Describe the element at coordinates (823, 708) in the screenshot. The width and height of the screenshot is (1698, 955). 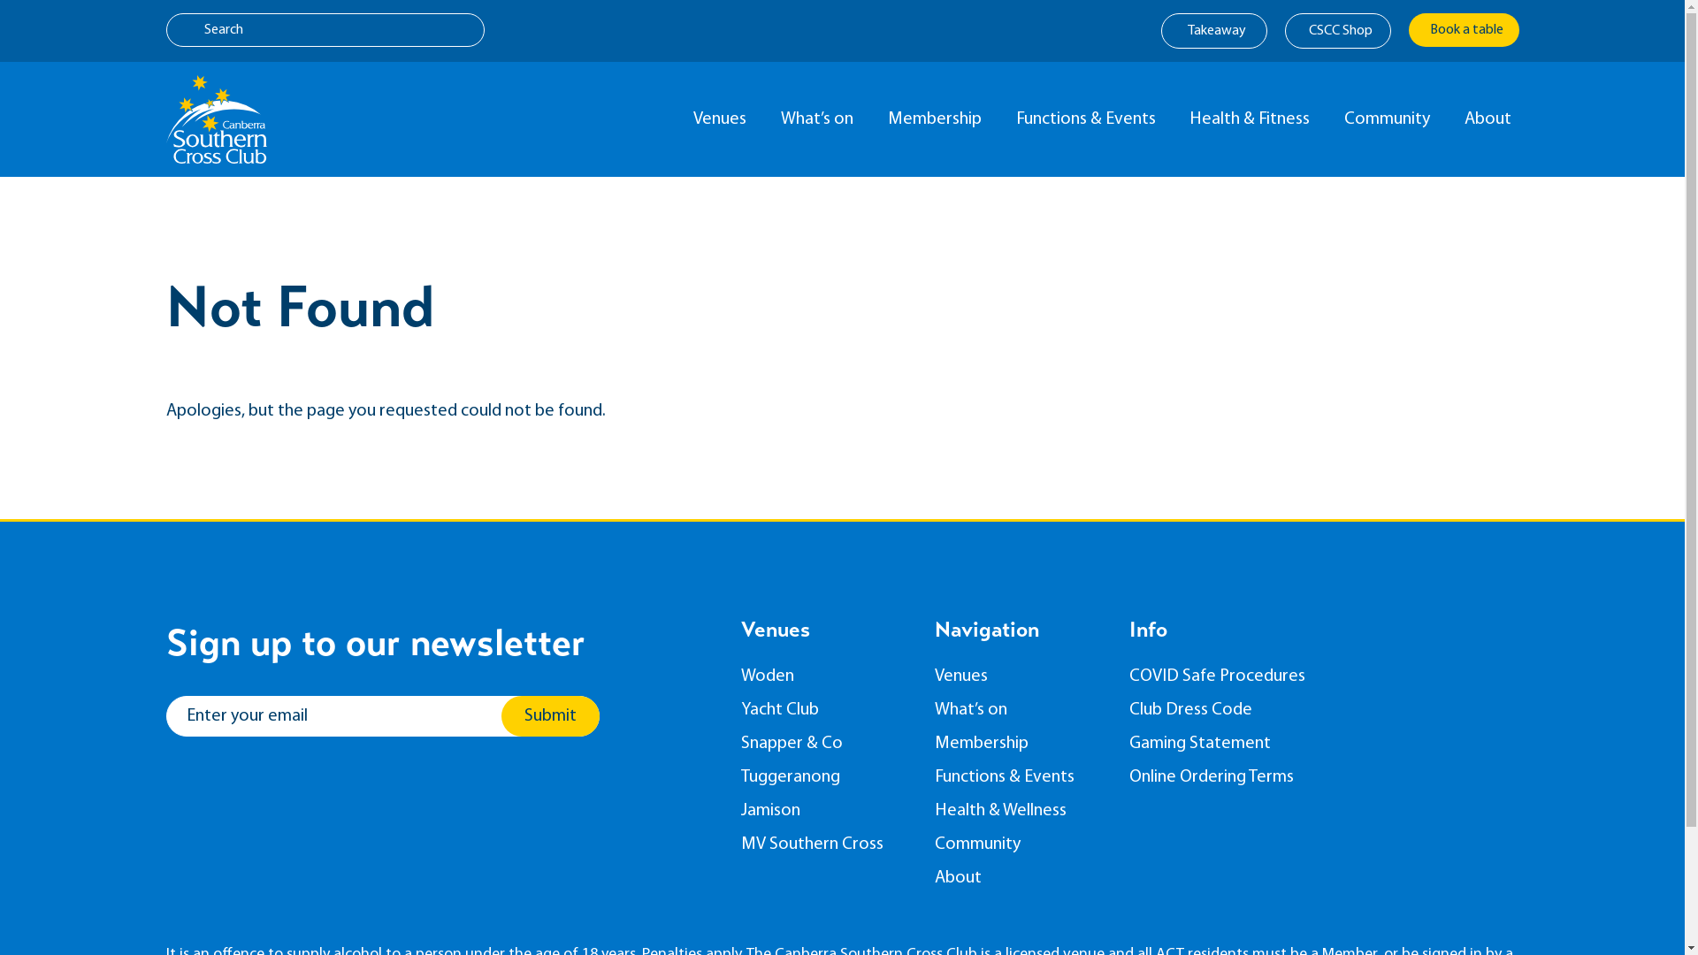
I see `'Yacht Club'` at that location.